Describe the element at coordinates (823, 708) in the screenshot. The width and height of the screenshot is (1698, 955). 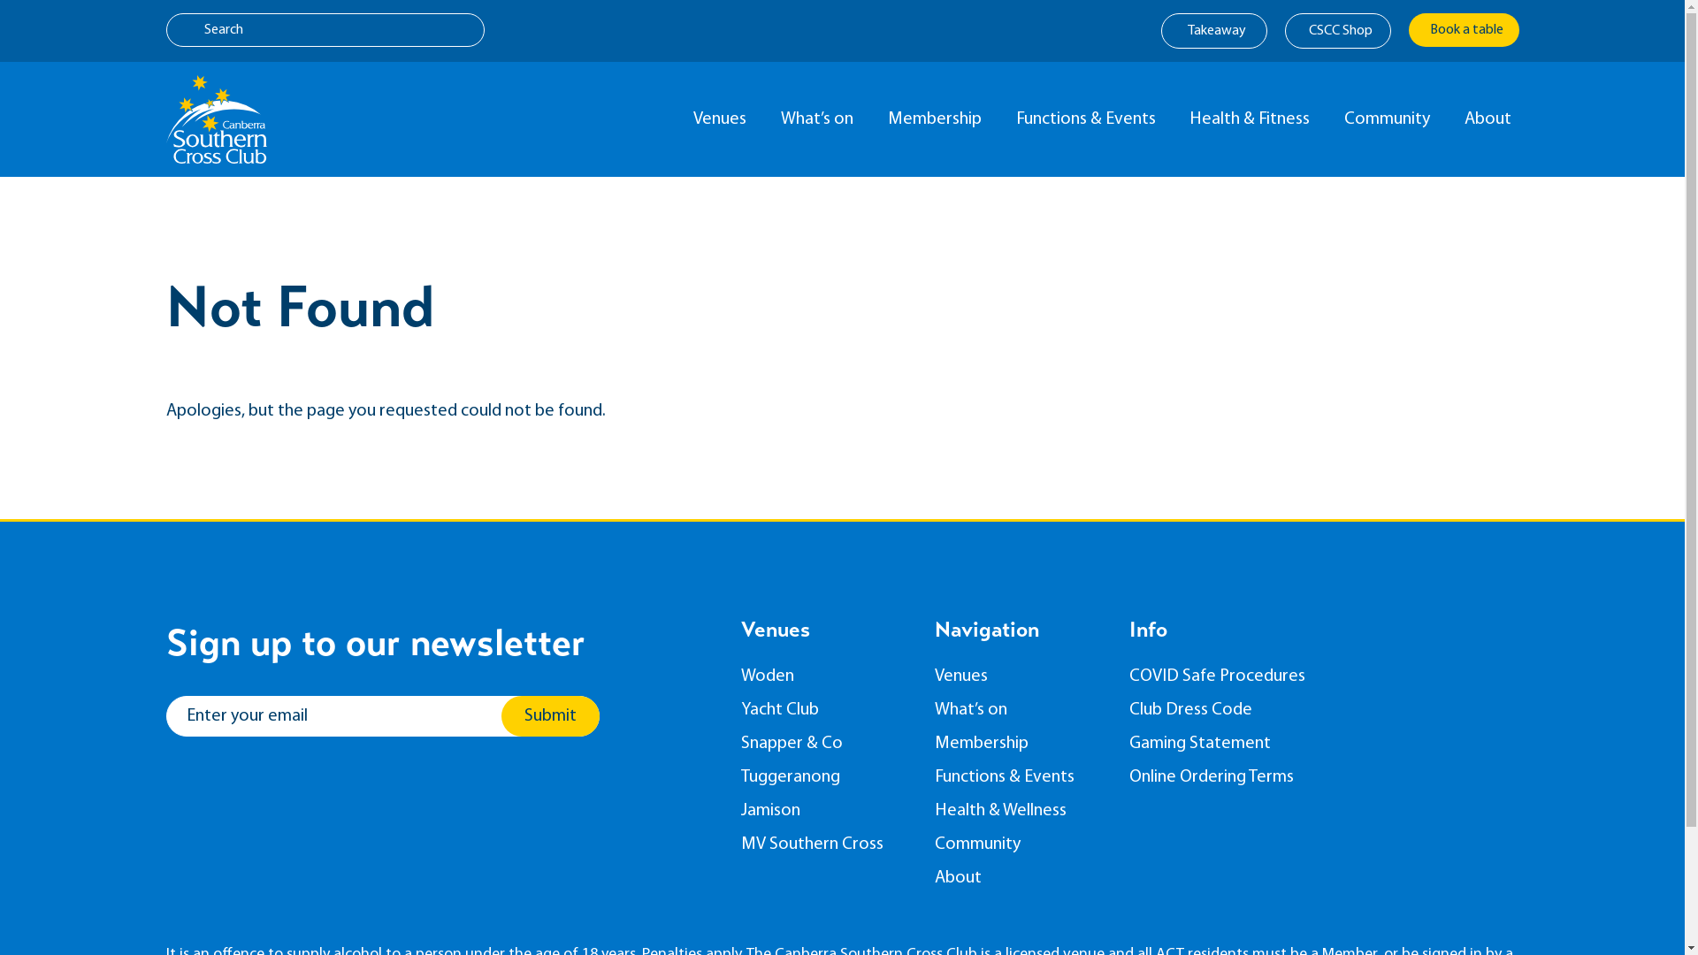
I see `'Yacht Club'` at that location.